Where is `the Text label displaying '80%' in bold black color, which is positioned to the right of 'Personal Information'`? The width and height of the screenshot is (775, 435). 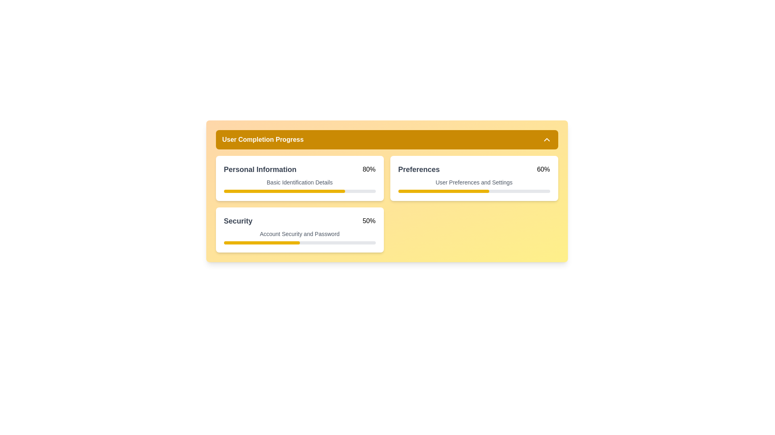 the Text label displaying '80%' in bold black color, which is positioned to the right of 'Personal Information' is located at coordinates (369, 169).